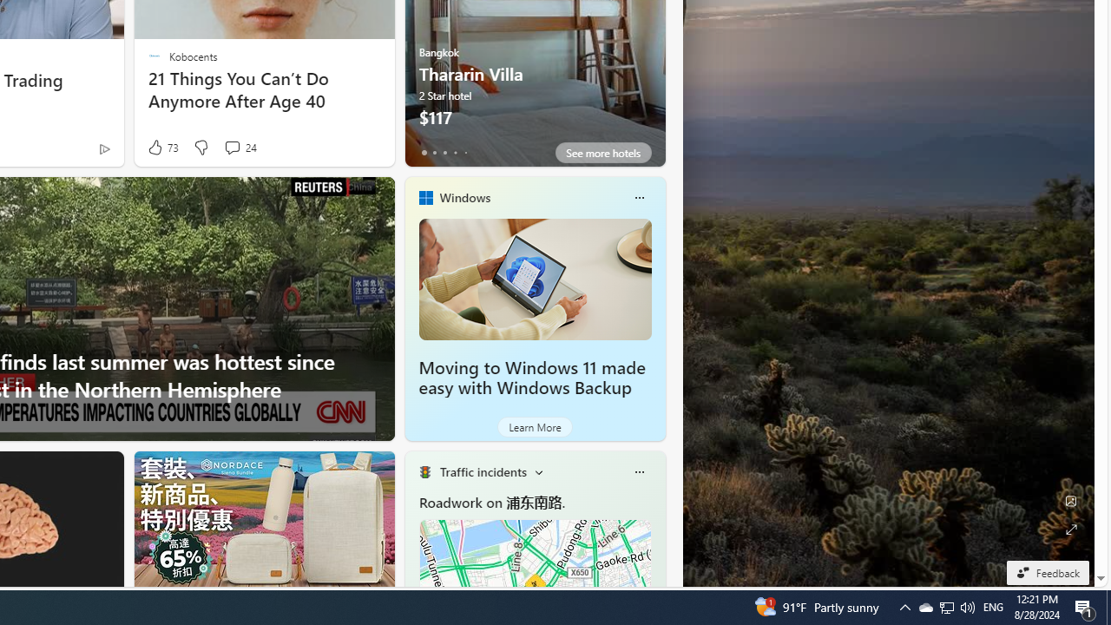  Describe the element at coordinates (465, 152) in the screenshot. I see `'tab-4'` at that location.